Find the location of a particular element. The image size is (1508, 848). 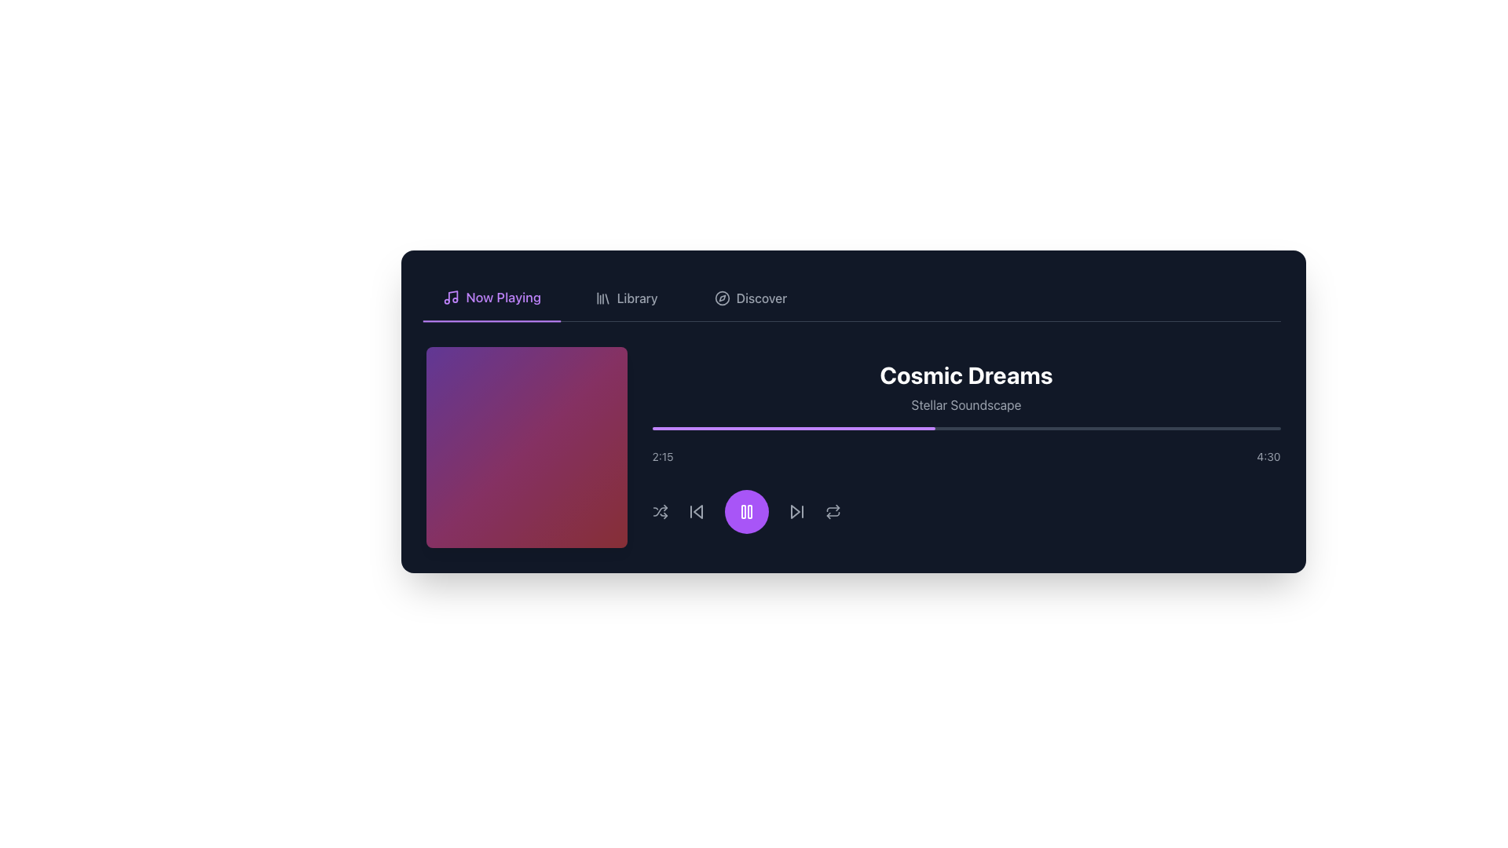

the repeat button located towards the right end of the control panel, which toggles the repeat functionality for media playback is located at coordinates (832, 511).